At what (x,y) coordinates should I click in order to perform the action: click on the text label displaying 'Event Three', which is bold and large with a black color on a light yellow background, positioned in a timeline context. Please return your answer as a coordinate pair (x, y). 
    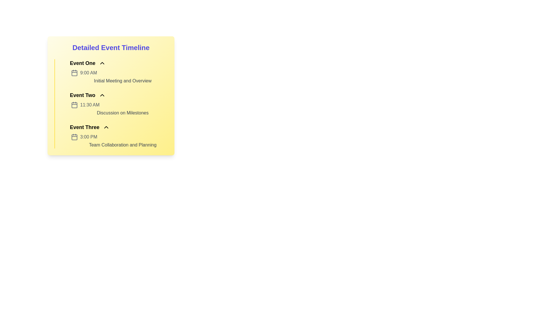
    Looking at the image, I should click on (84, 127).